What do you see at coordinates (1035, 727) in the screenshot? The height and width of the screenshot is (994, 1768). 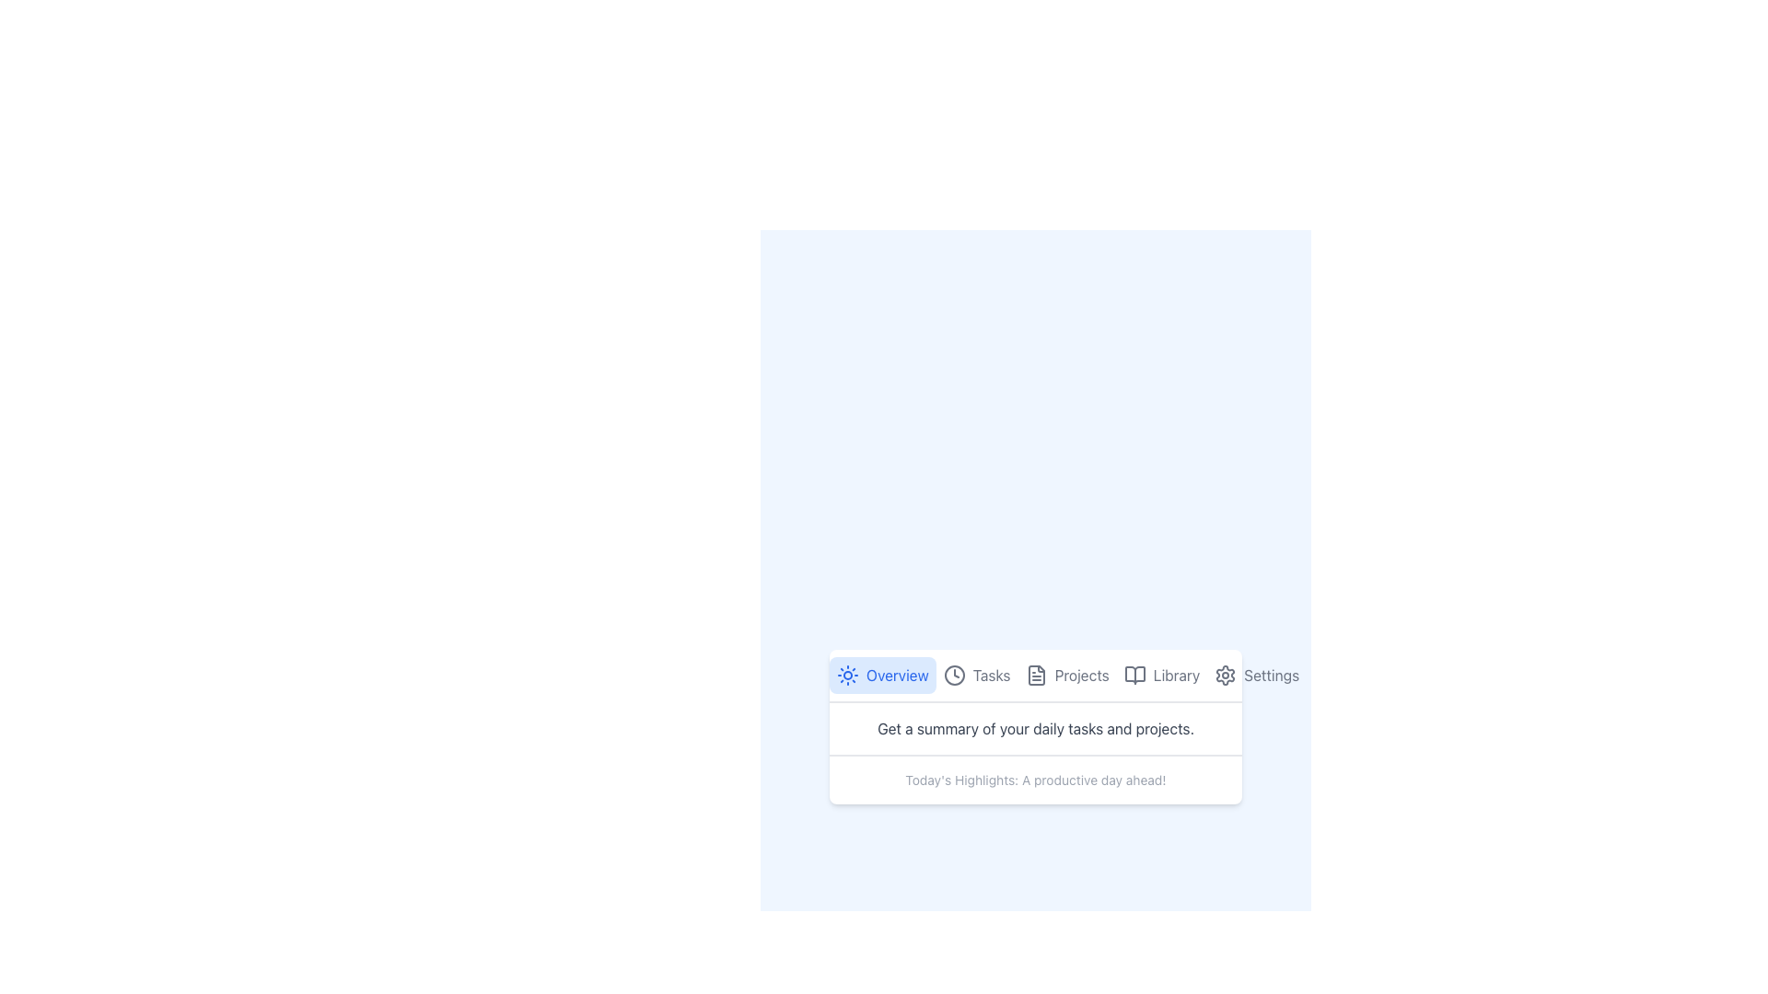 I see `the static text element that provides a summary of daily tasks and projects, located below the navigation menu` at bounding box center [1035, 727].